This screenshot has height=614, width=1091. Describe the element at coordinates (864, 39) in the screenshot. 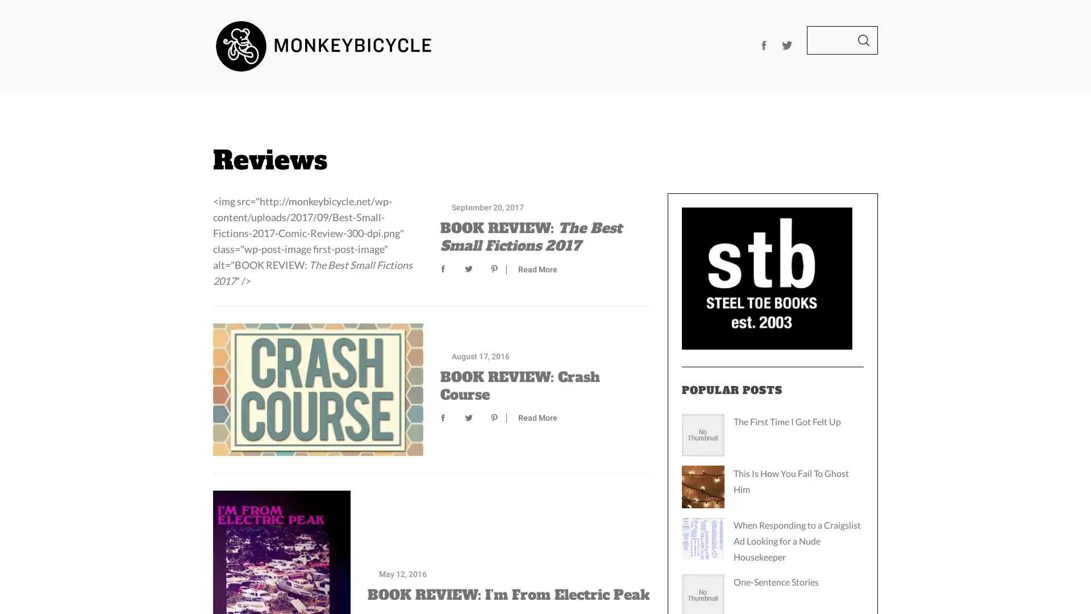

I see `SEARCH` at that location.